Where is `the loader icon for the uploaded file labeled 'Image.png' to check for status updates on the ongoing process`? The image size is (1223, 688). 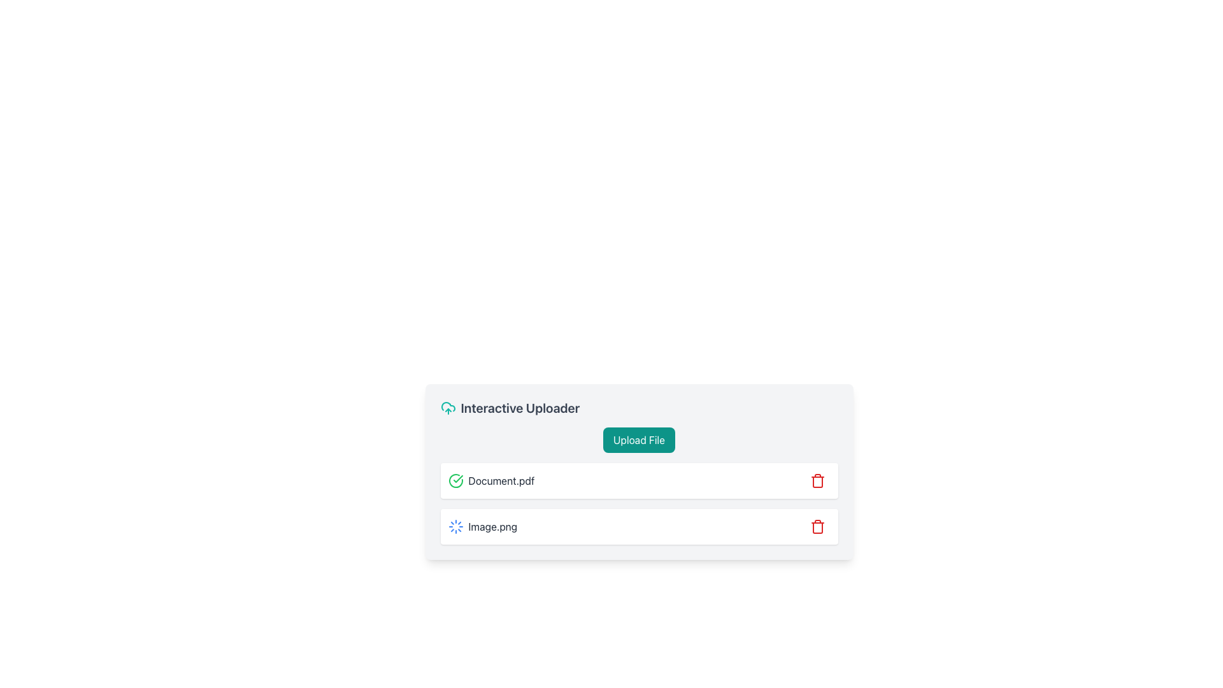 the loader icon for the uploaded file labeled 'Image.png' to check for status updates on the ongoing process is located at coordinates (639, 526).